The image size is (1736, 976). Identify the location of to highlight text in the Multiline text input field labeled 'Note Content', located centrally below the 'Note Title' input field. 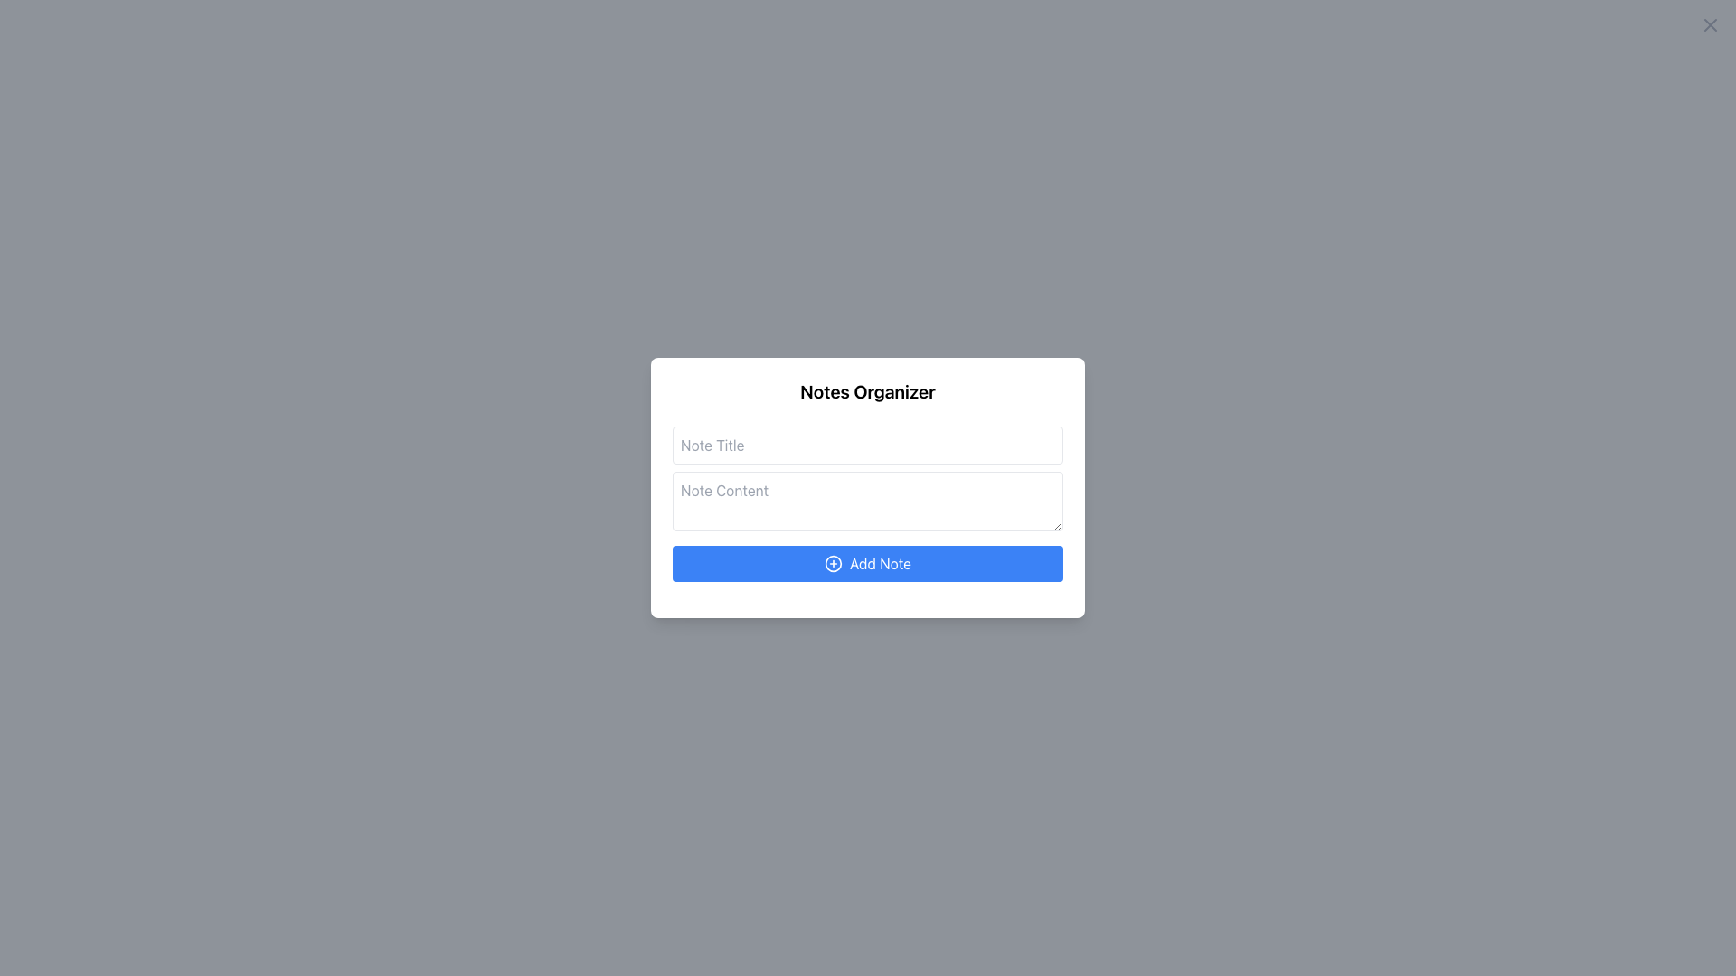
(868, 502).